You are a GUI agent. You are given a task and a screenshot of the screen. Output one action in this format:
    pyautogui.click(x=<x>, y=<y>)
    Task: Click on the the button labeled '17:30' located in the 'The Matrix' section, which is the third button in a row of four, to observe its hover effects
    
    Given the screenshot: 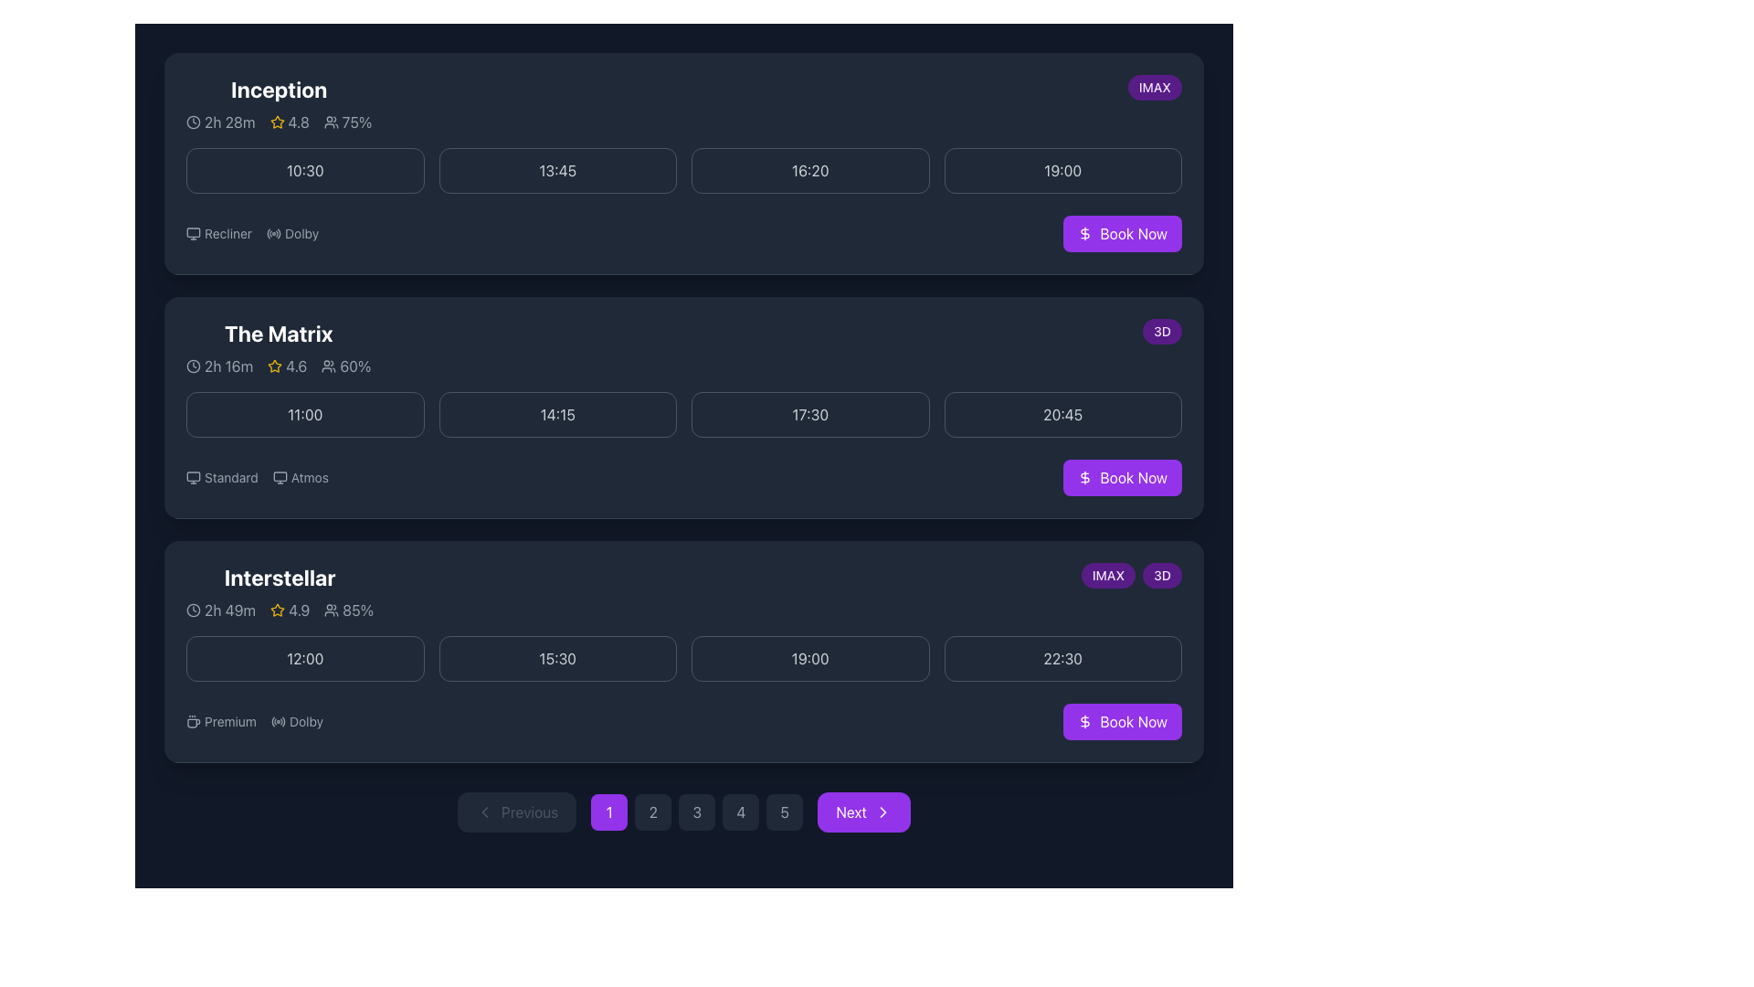 What is the action you would take?
    pyautogui.click(x=809, y=415)
    